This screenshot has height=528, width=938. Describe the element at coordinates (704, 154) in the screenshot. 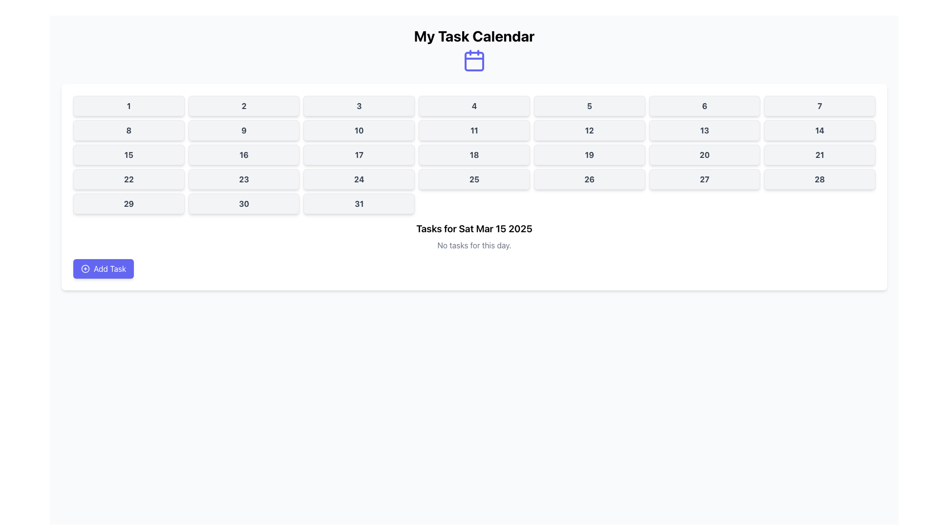

I see `the button representing the 20th day` at that location.